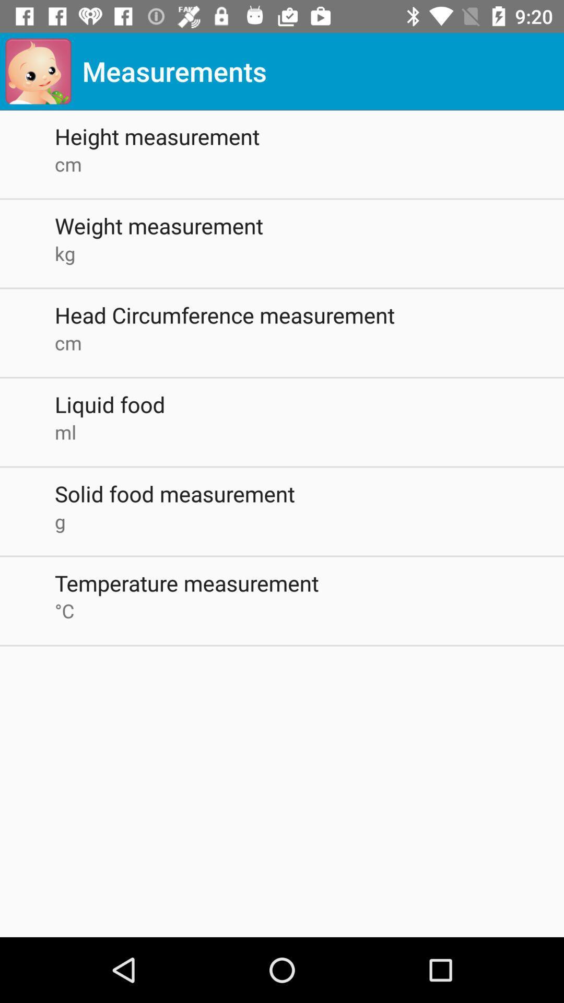  I want to click on icon above the ml, so click(309, 403).